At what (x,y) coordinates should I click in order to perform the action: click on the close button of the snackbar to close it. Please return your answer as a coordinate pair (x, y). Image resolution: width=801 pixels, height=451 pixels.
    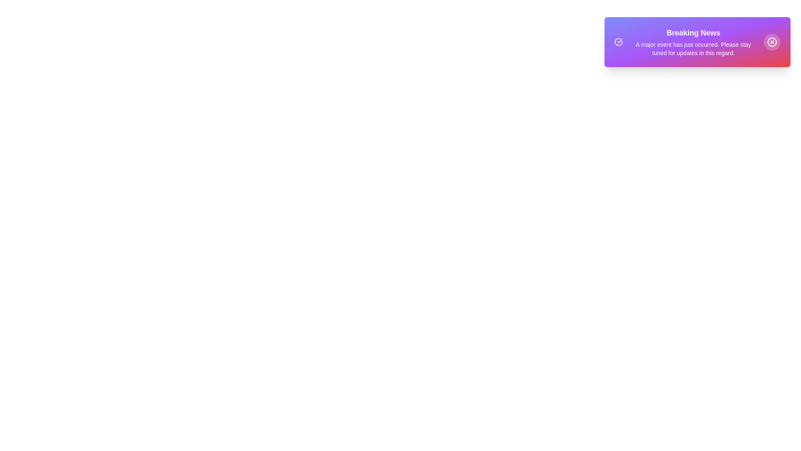
    Looking at the image, I should click on (772, 42).